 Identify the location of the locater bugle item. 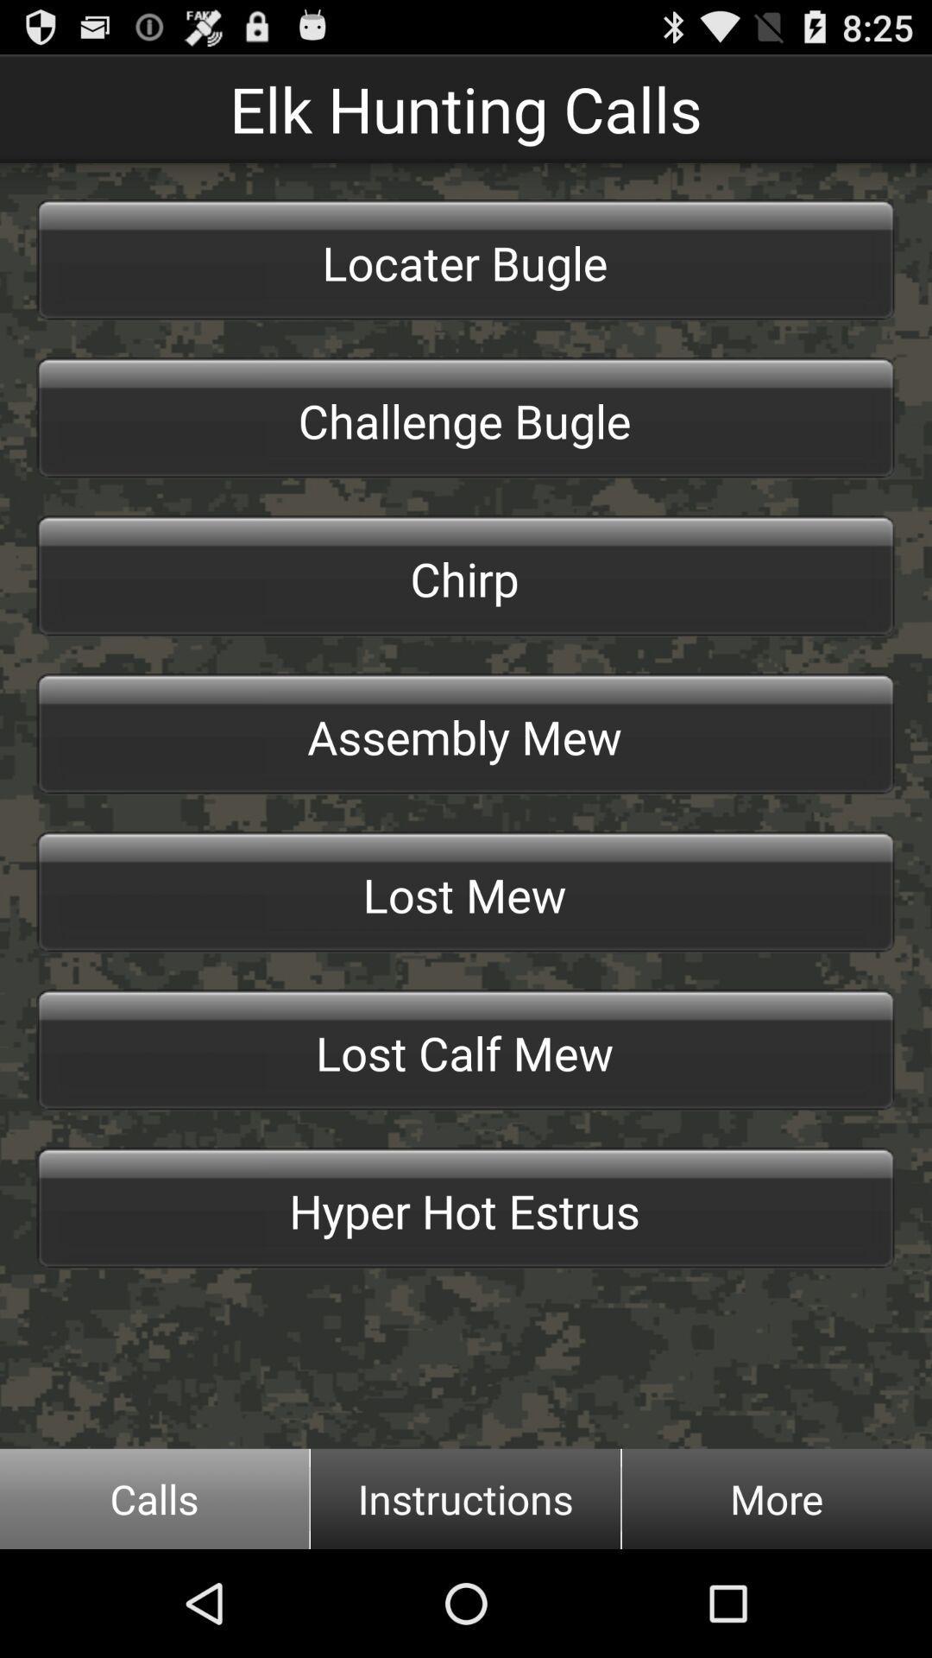
(466, 259).